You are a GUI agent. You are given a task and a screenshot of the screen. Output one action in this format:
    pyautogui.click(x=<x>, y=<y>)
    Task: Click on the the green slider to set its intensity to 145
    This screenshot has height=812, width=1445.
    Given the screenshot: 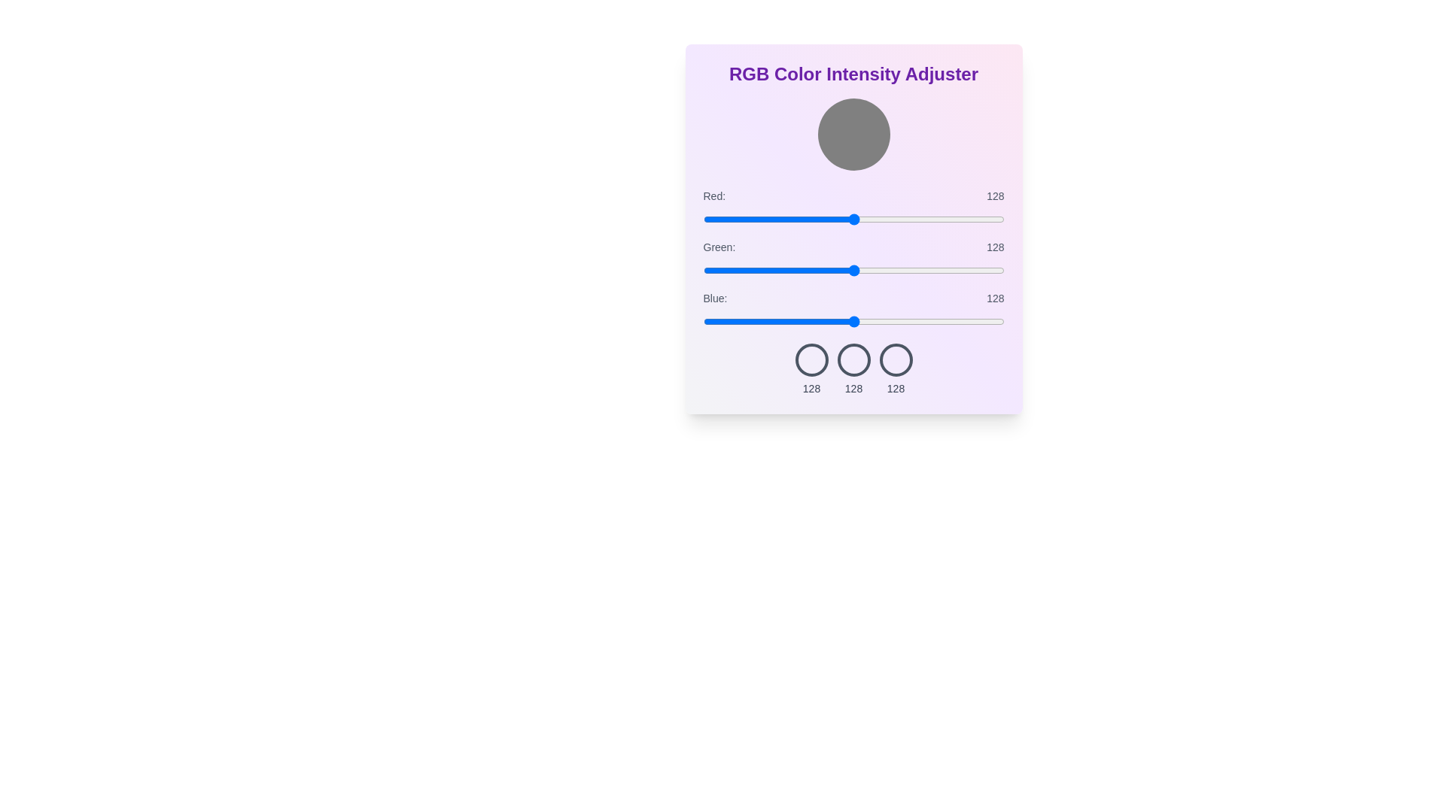 What is the action you would take?
    pyautogui.click(x=874, y=269)
    